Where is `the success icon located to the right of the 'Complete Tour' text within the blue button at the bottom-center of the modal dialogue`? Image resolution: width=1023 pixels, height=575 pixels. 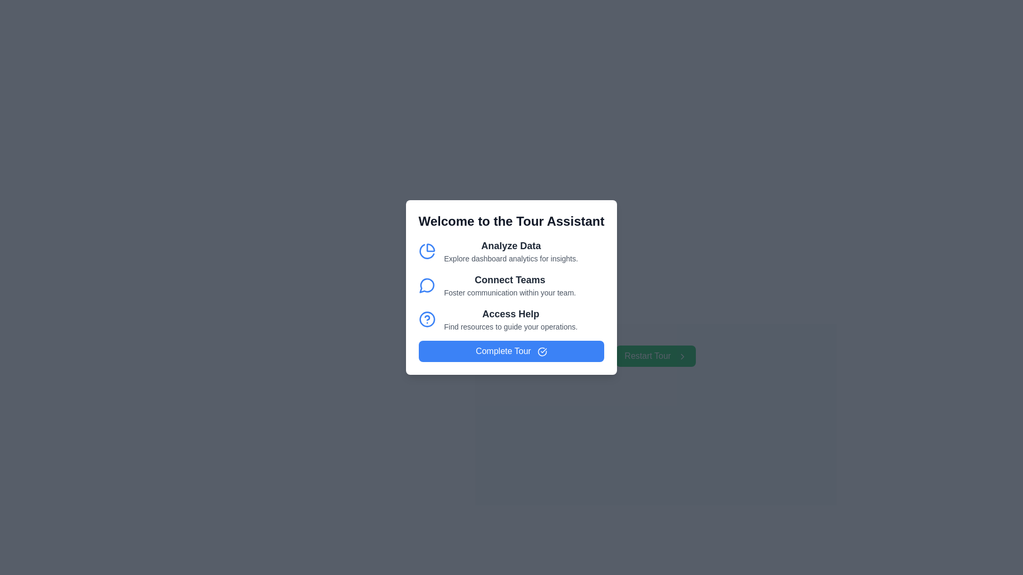
the success icon located to the right of the 'Complete Tour' text within the blue button at the bottom-center of the modal dialogue is located at coordinates (542, 351).